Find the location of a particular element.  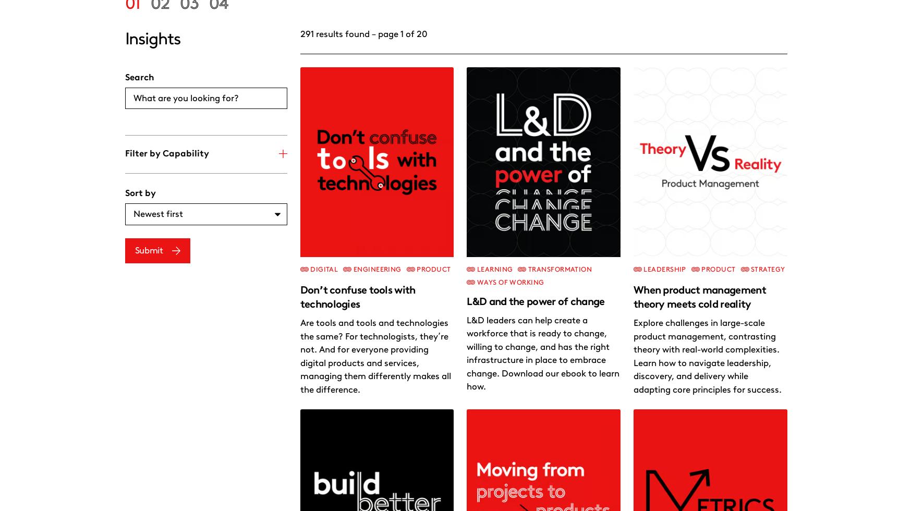

'Learn how to nurture leadership and empower your teams for success.' is located at coordinates (466, 250).